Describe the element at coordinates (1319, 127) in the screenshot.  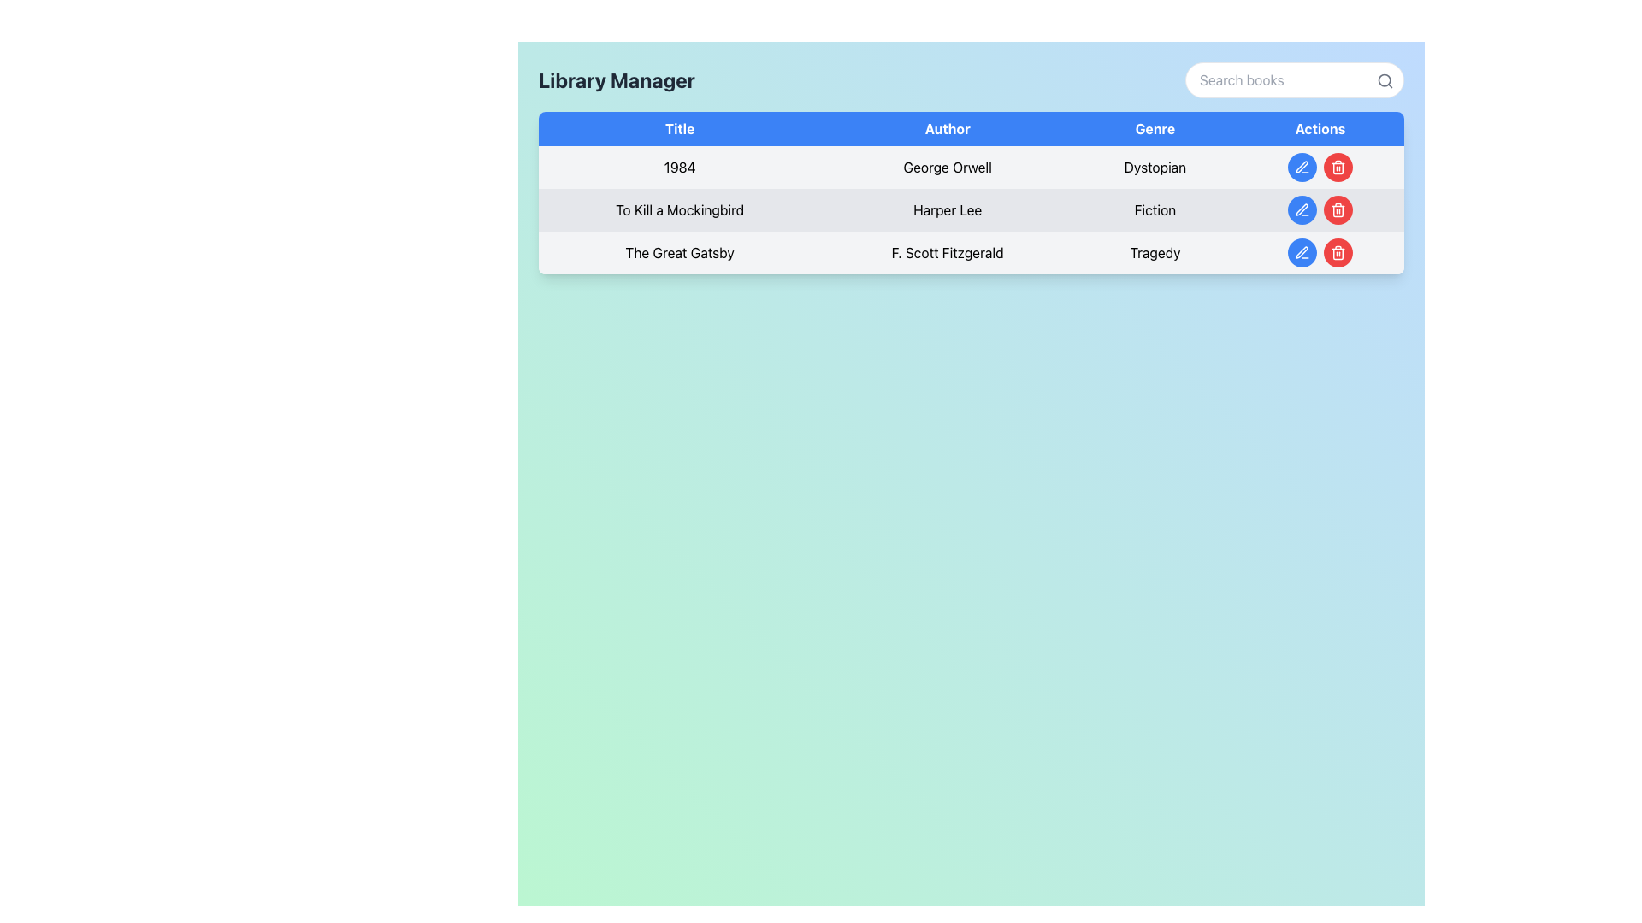
I see `text content of the Table Header Cell labeled 'Actions', which is a blue rectangular area with white text, located at the top-right of the table` at that location.